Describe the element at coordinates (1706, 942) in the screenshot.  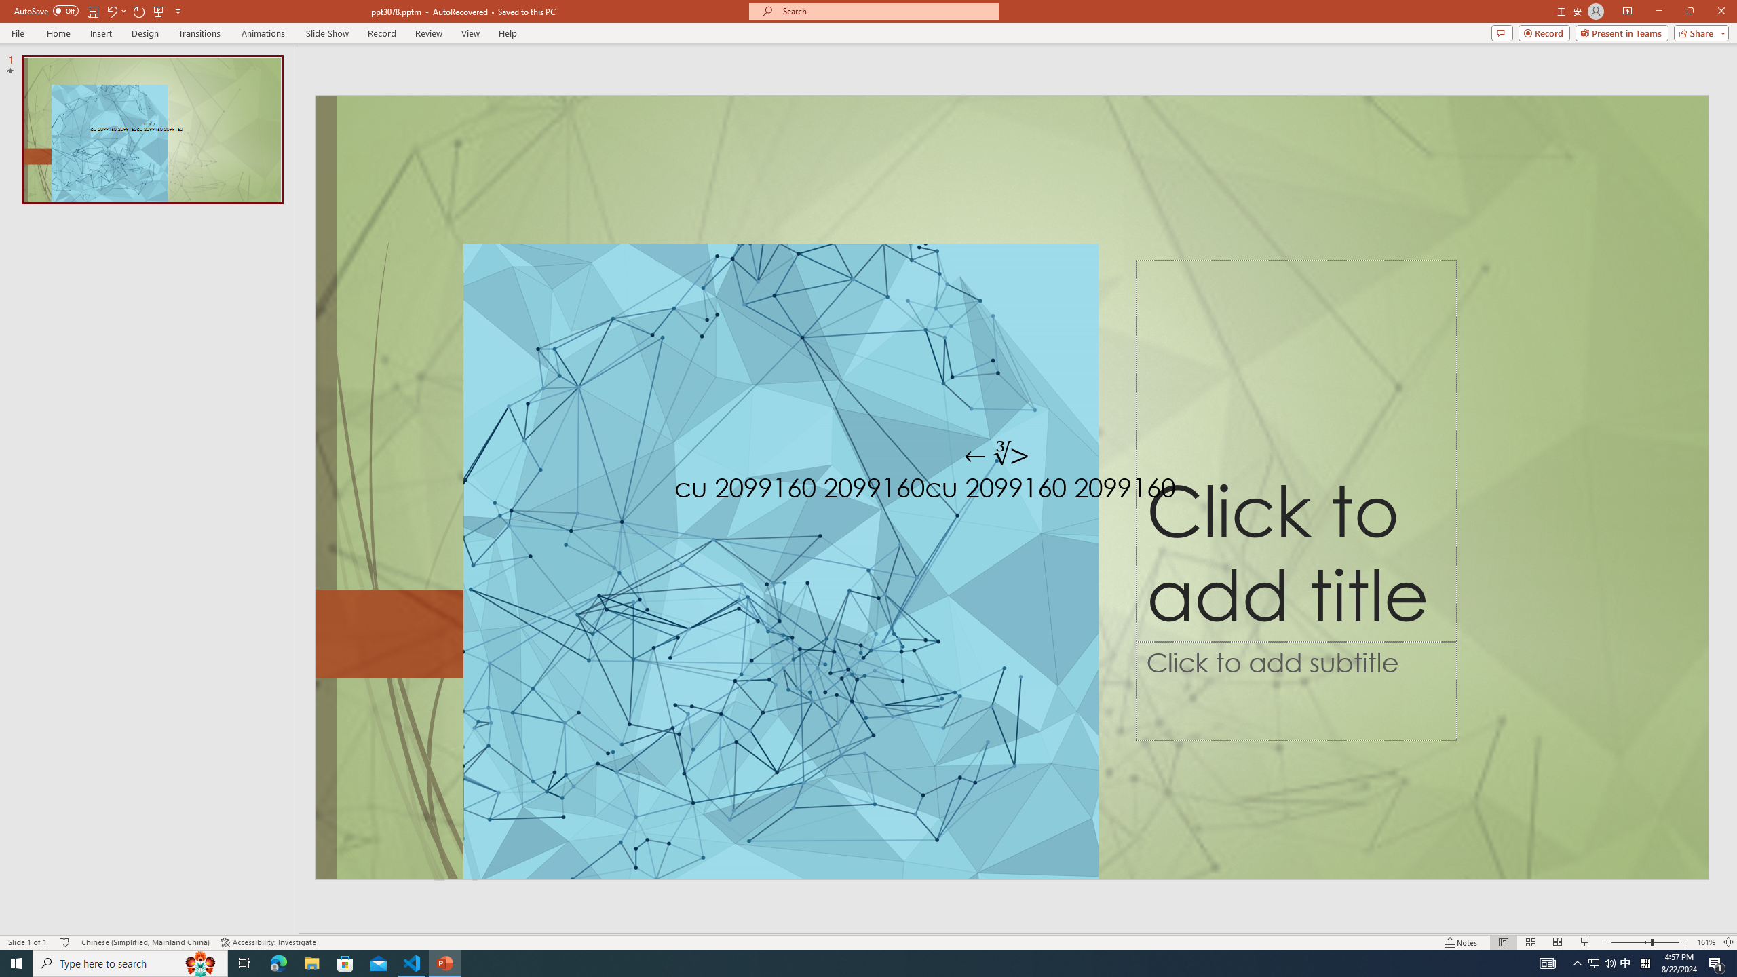
I see `'Zoom 161%'` at that location.